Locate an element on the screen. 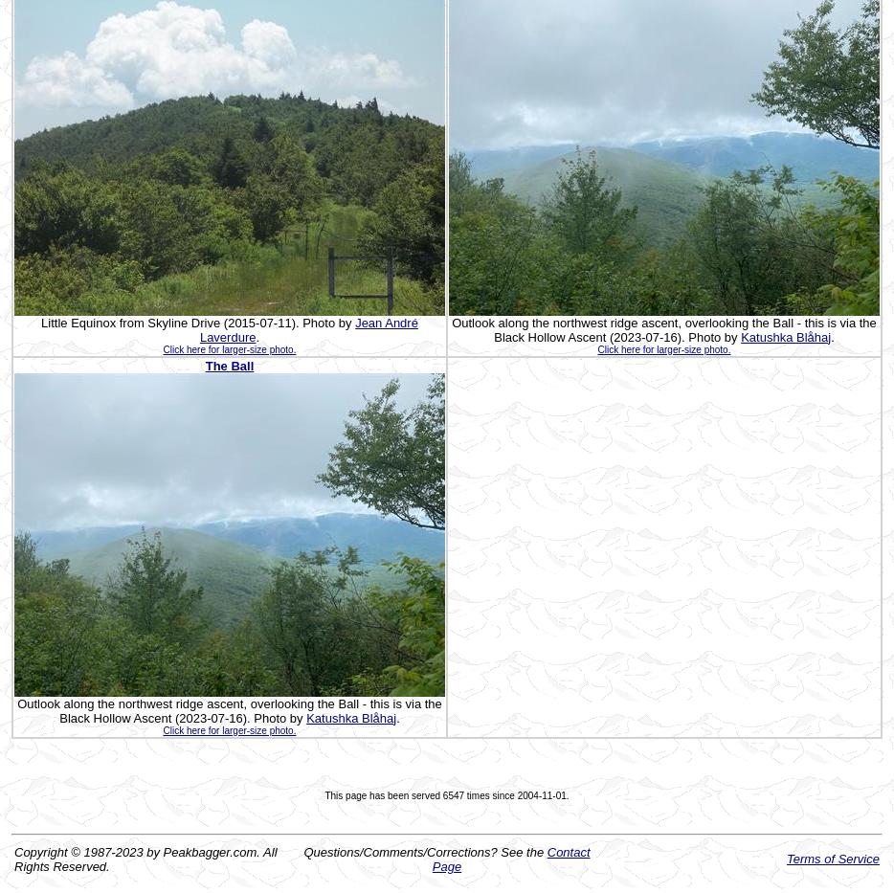 This screenshot has width=894, height=893. 'This page has been served 6547 times since 2004-11-01.' is located at coordinates (446, 793).